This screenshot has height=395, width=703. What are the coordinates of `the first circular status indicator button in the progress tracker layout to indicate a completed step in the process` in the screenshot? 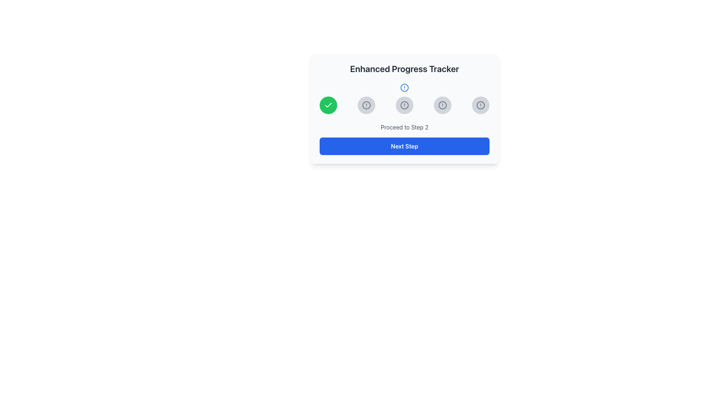 It's located at (328, 105).